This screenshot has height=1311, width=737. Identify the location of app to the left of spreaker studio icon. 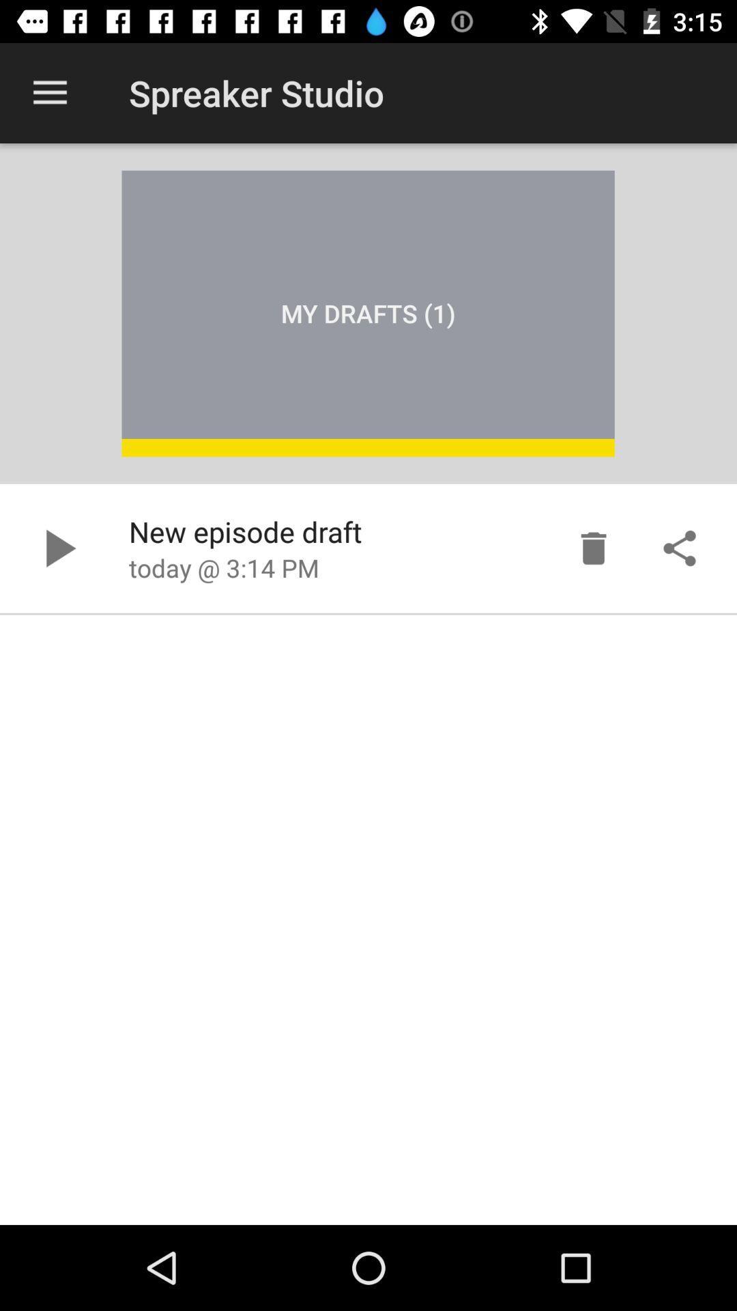
(49, 92).